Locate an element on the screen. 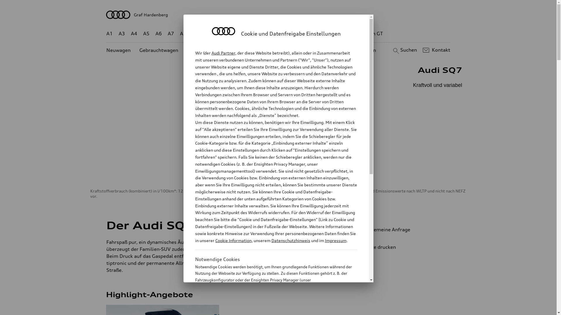 The image size is (561, 315). 'g-tron' is located at coordinates (348, 34).